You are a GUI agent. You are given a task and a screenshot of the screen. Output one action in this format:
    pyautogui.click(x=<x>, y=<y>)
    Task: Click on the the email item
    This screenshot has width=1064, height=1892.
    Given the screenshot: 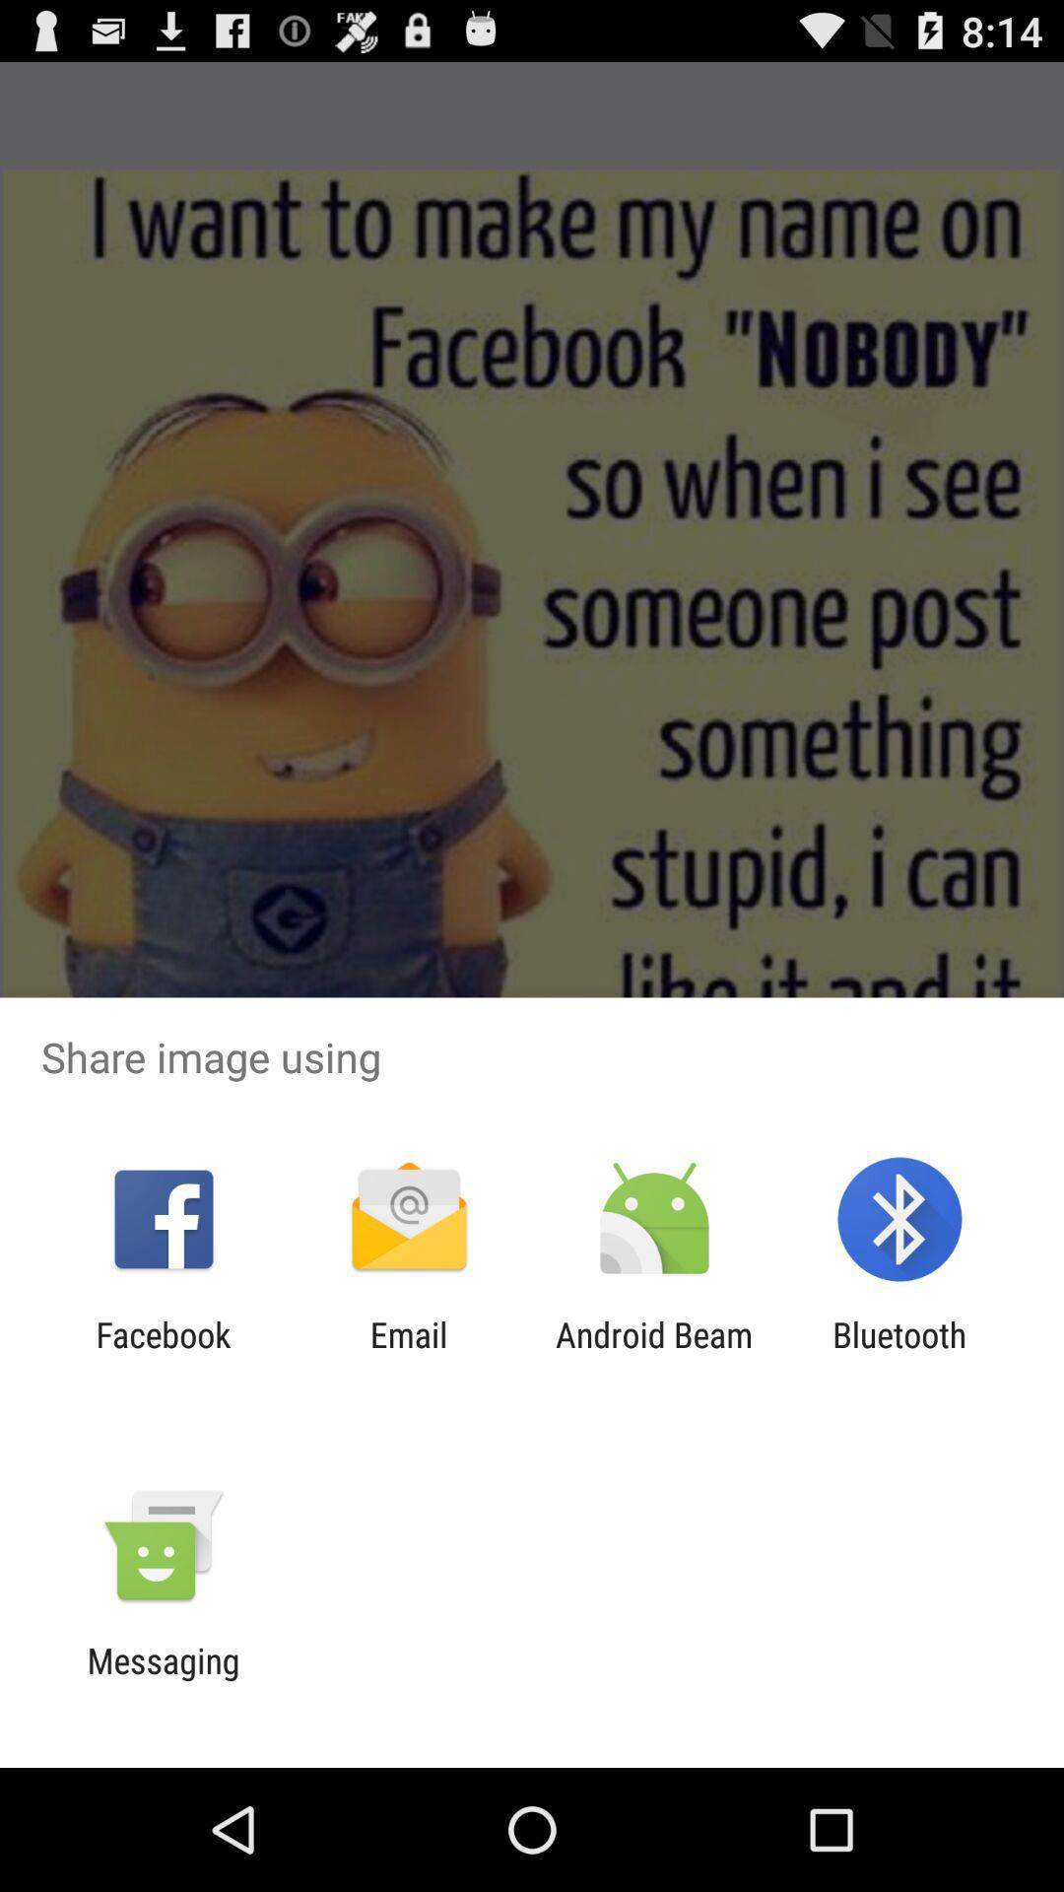 What is the action you would take?
    pyautogui.click(x=408, y=1354)
    